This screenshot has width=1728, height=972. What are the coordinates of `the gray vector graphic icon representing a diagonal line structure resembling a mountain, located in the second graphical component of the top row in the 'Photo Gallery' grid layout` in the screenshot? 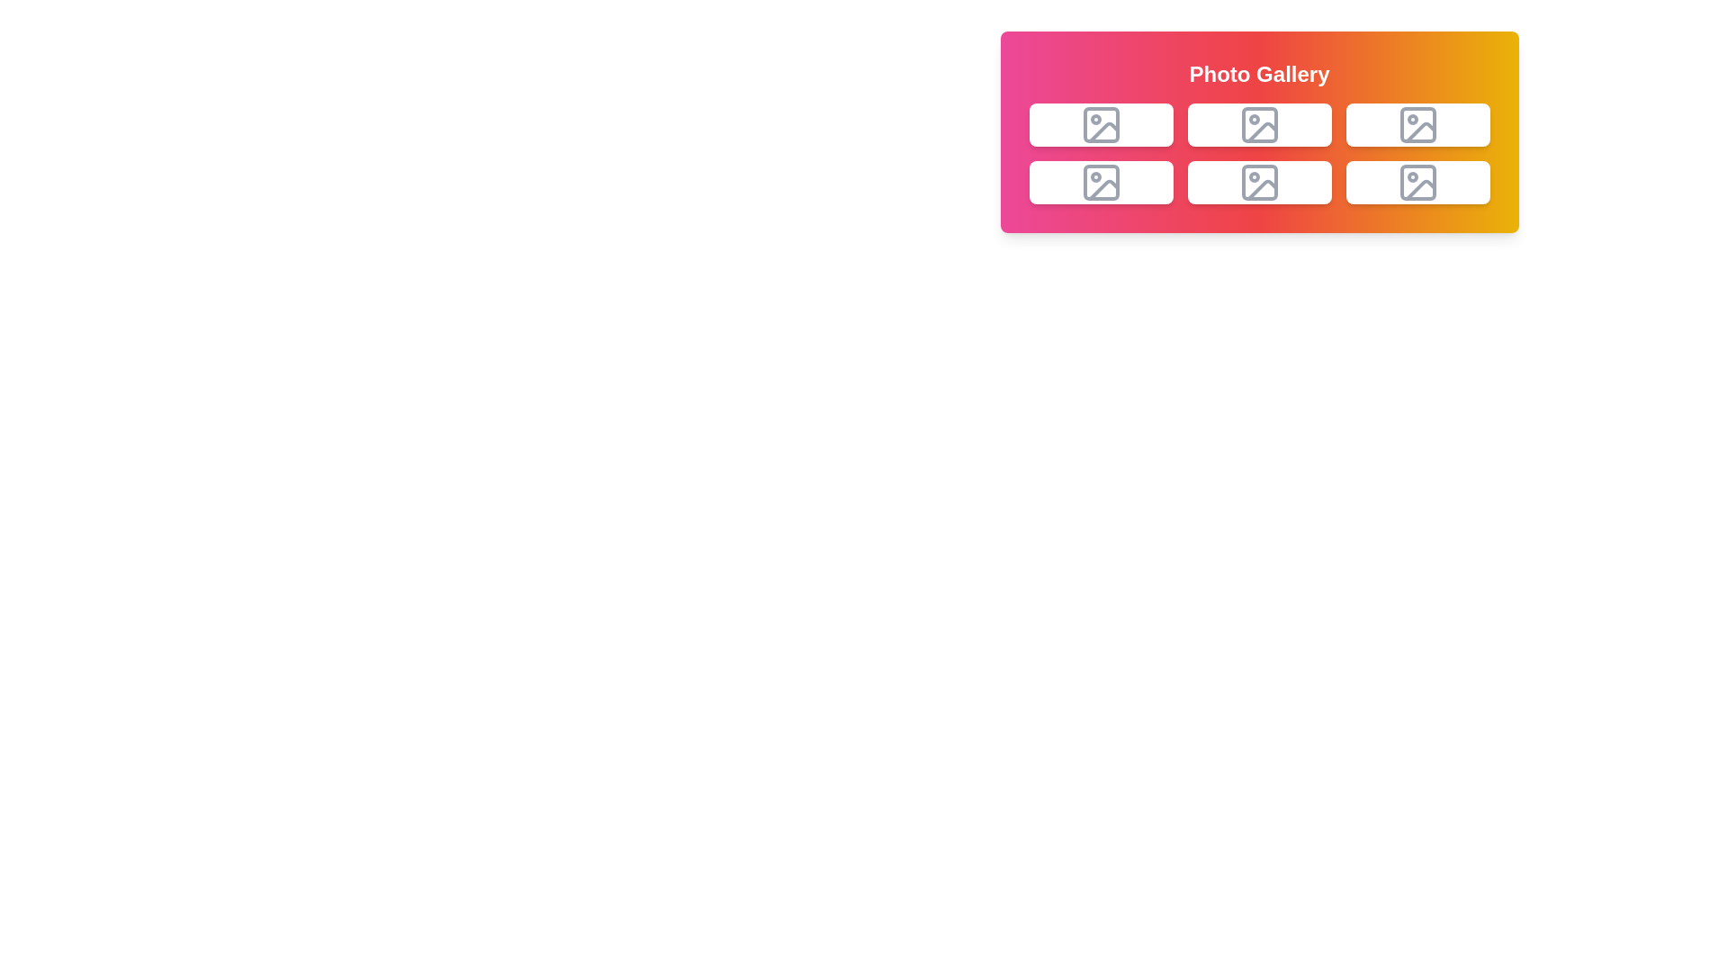 It's located at (1261, 131).